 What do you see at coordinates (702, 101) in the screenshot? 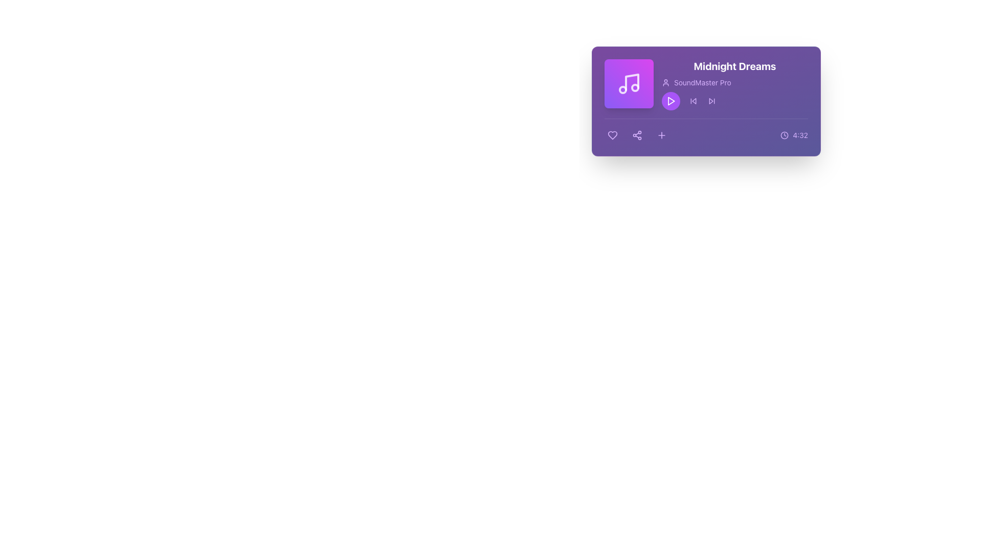
I see `the group of navigation buttons located centrally below the title 'Midnight Dreams' to receive additional visual feedback` at bounding box center [702, 101].